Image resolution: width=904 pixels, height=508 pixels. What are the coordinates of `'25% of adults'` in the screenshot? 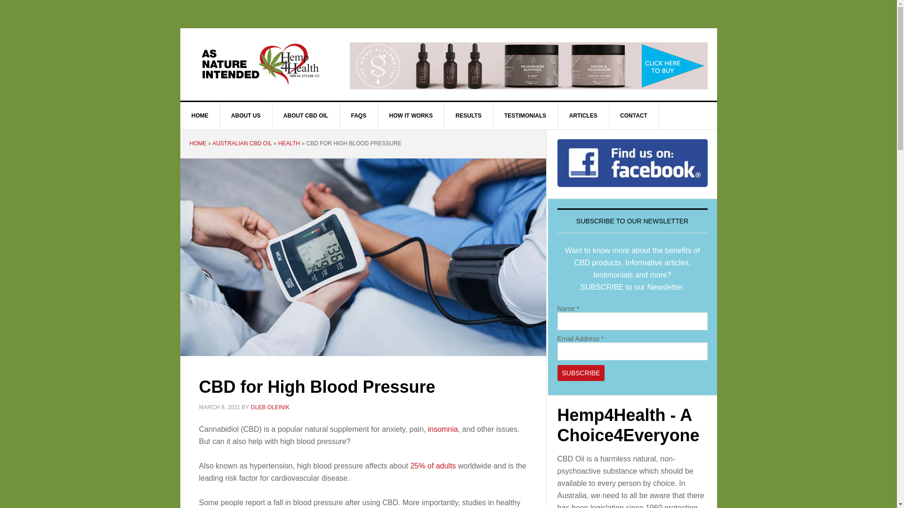 It's located at (432, 466).